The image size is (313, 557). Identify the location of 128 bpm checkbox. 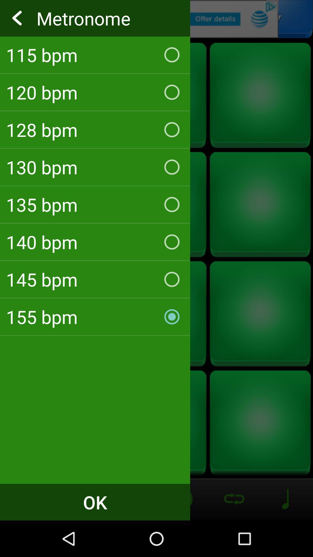
(95, 129).